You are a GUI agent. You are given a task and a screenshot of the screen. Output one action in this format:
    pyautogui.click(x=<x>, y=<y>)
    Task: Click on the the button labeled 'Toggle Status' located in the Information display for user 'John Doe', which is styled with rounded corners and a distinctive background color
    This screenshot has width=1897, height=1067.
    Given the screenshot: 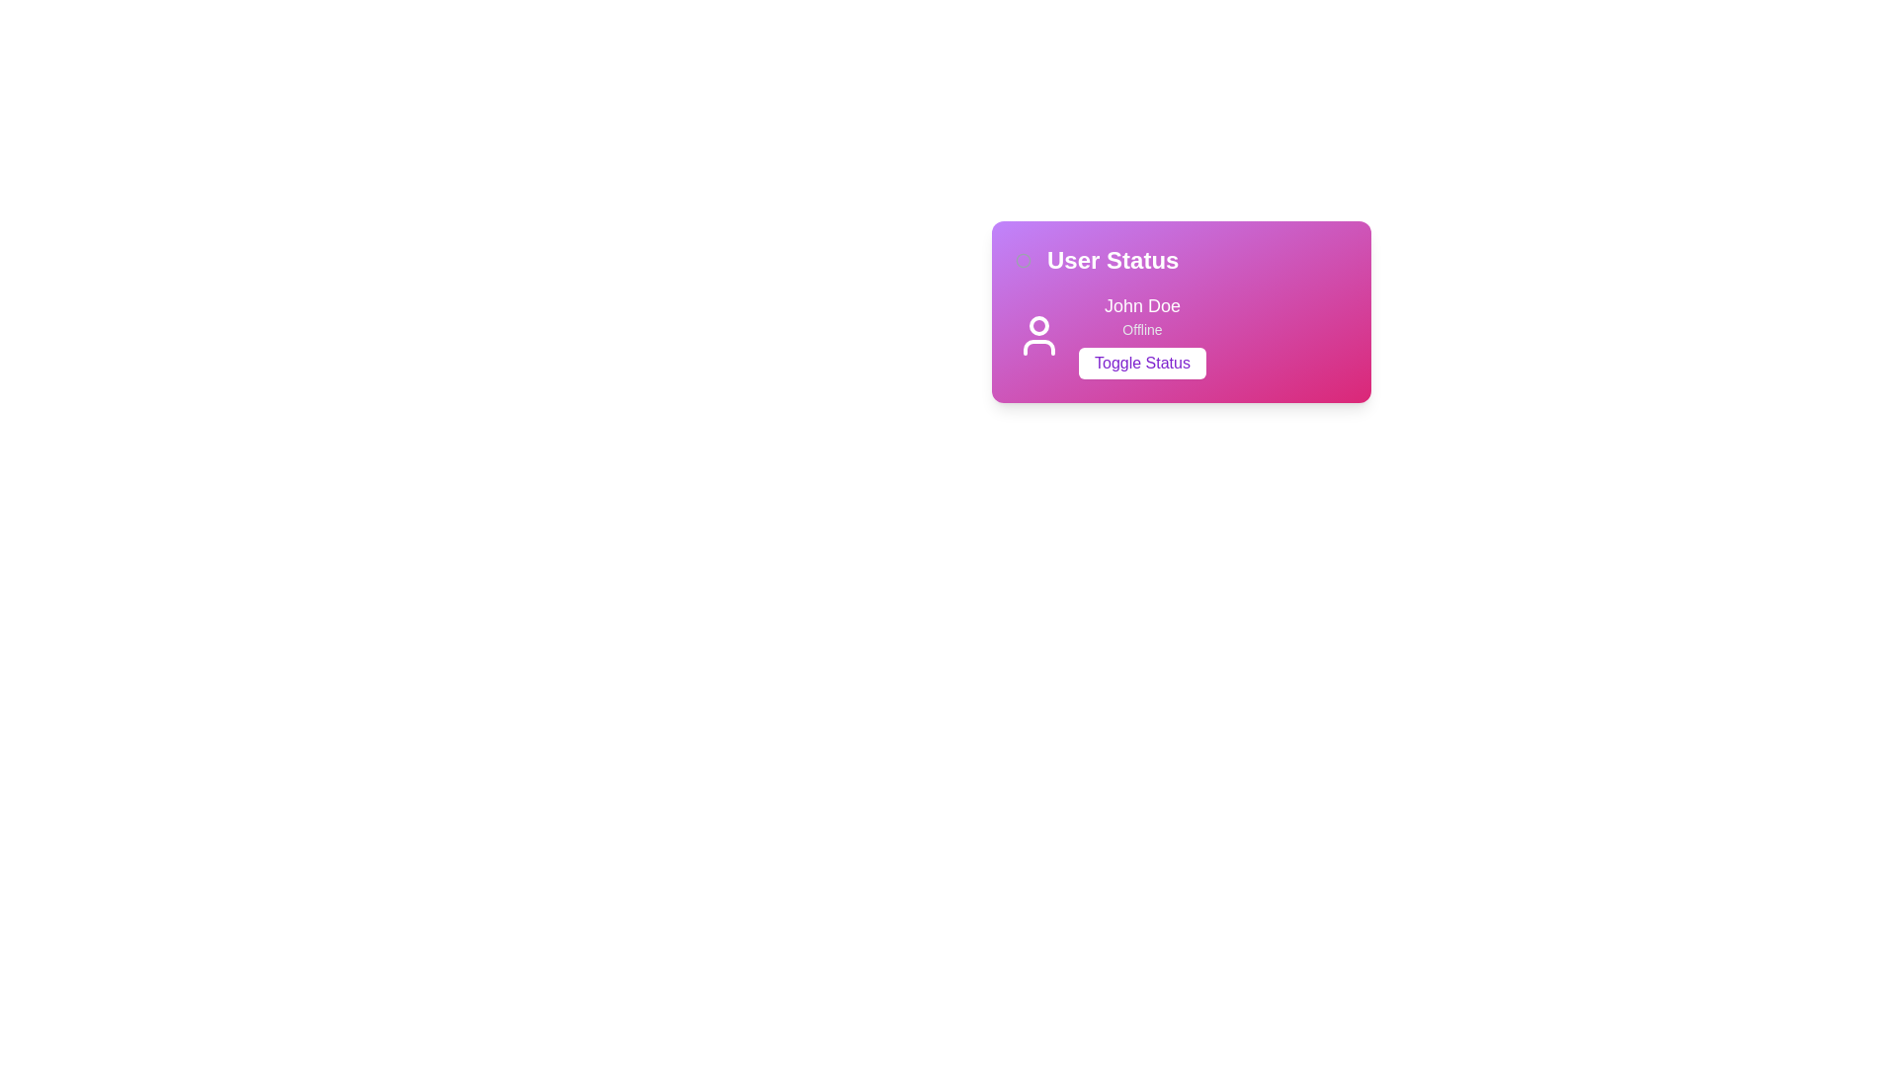 What is the action you would take?
    pyautogui.click(x=1142, y=334)
    